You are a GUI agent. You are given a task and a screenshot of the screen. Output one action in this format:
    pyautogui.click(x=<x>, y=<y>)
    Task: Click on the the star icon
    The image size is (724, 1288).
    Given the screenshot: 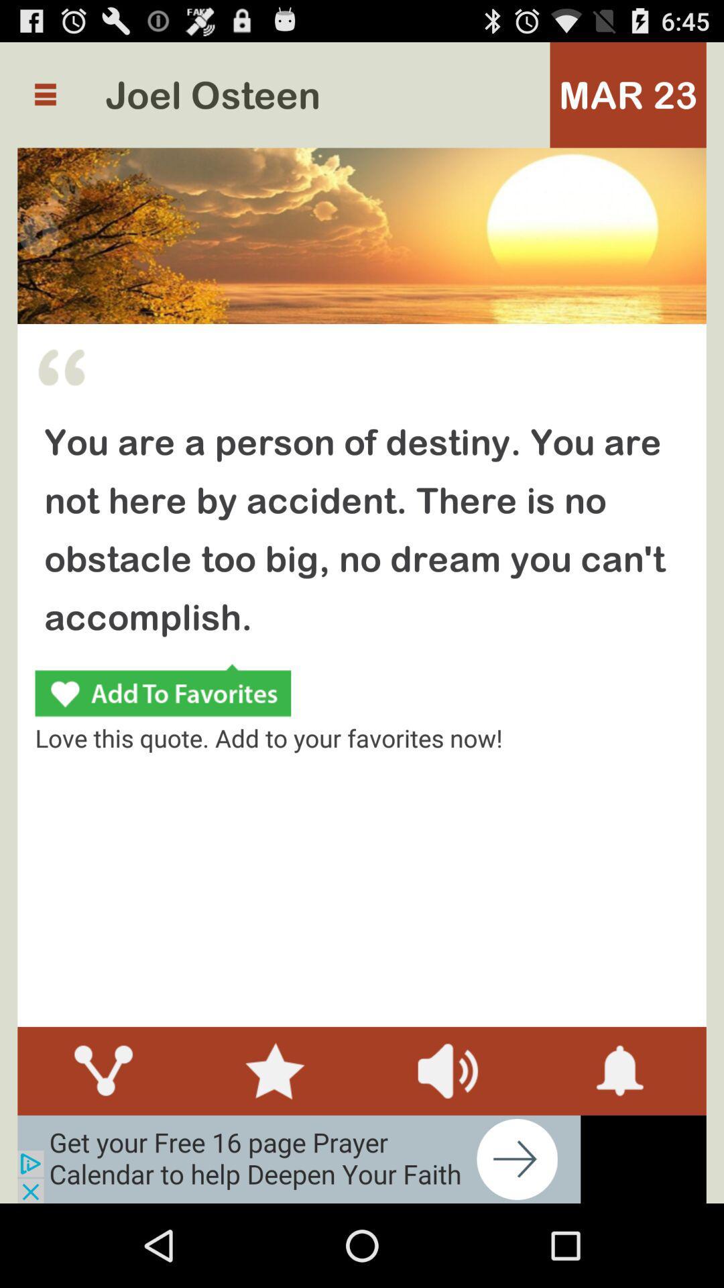 What is the action you would take?
    pyautogui.click(x=275, y=1145)
    